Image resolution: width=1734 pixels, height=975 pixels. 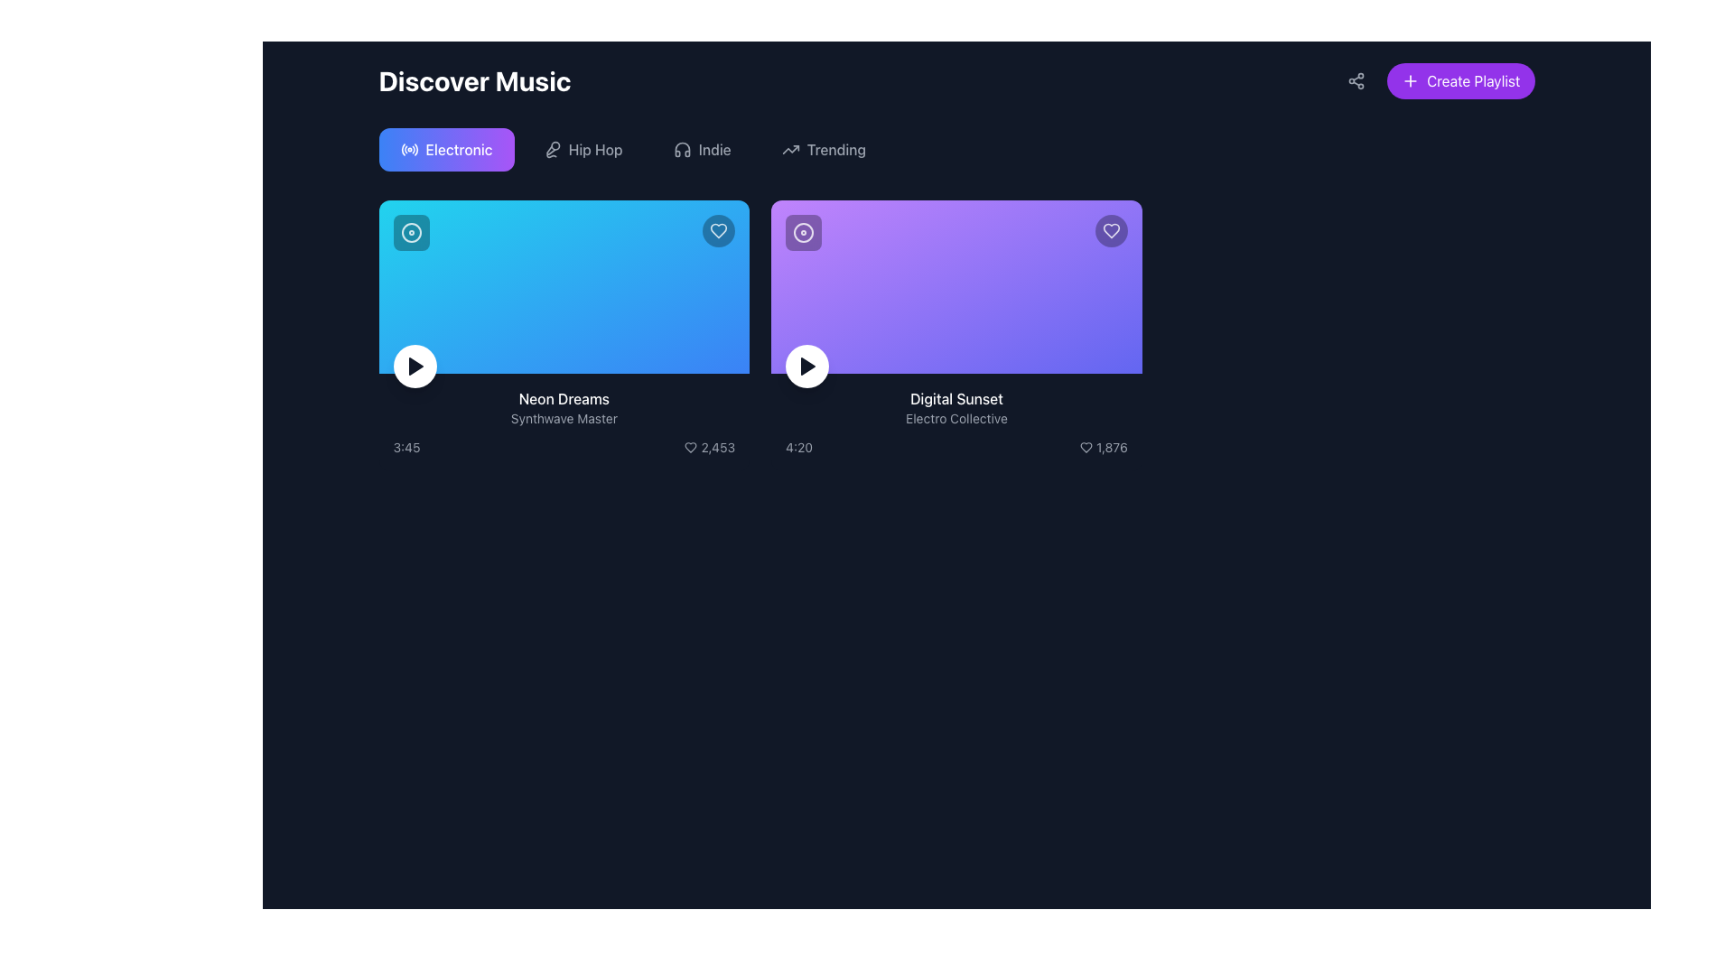 What do you see at coordinates (718, 229) in the screenshot?
I see `the heart icon` at bounding box center [718, 229].